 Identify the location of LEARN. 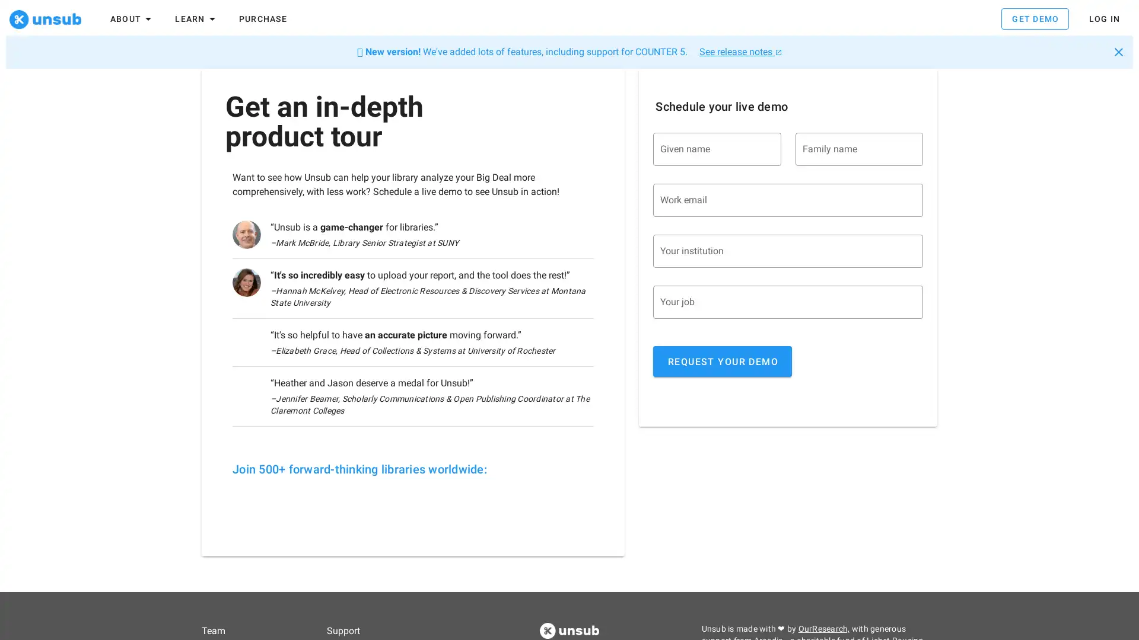
(196, 18).